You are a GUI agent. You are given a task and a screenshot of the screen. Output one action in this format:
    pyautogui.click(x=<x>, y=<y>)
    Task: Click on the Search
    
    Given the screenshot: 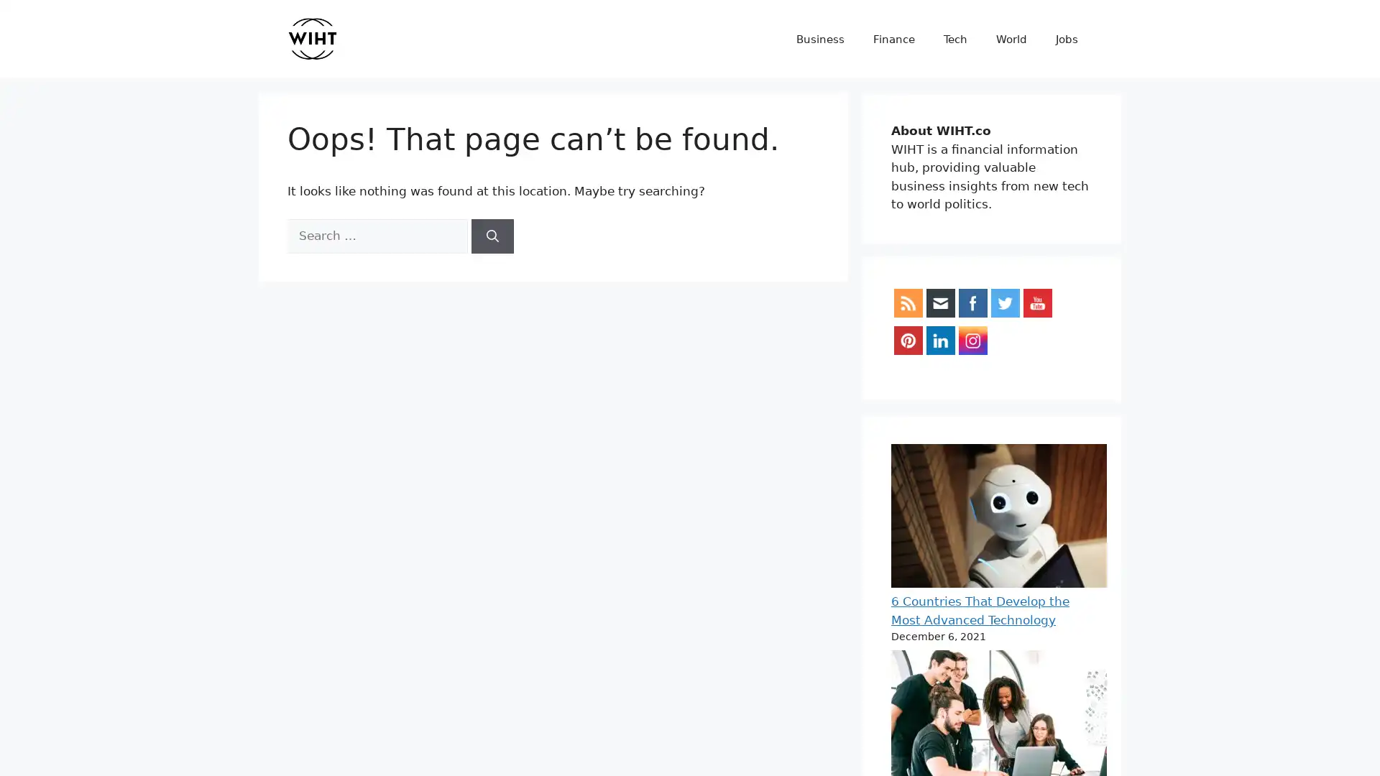 What is the action you would take?
    pyautogui.click(x=492, y=235)
    